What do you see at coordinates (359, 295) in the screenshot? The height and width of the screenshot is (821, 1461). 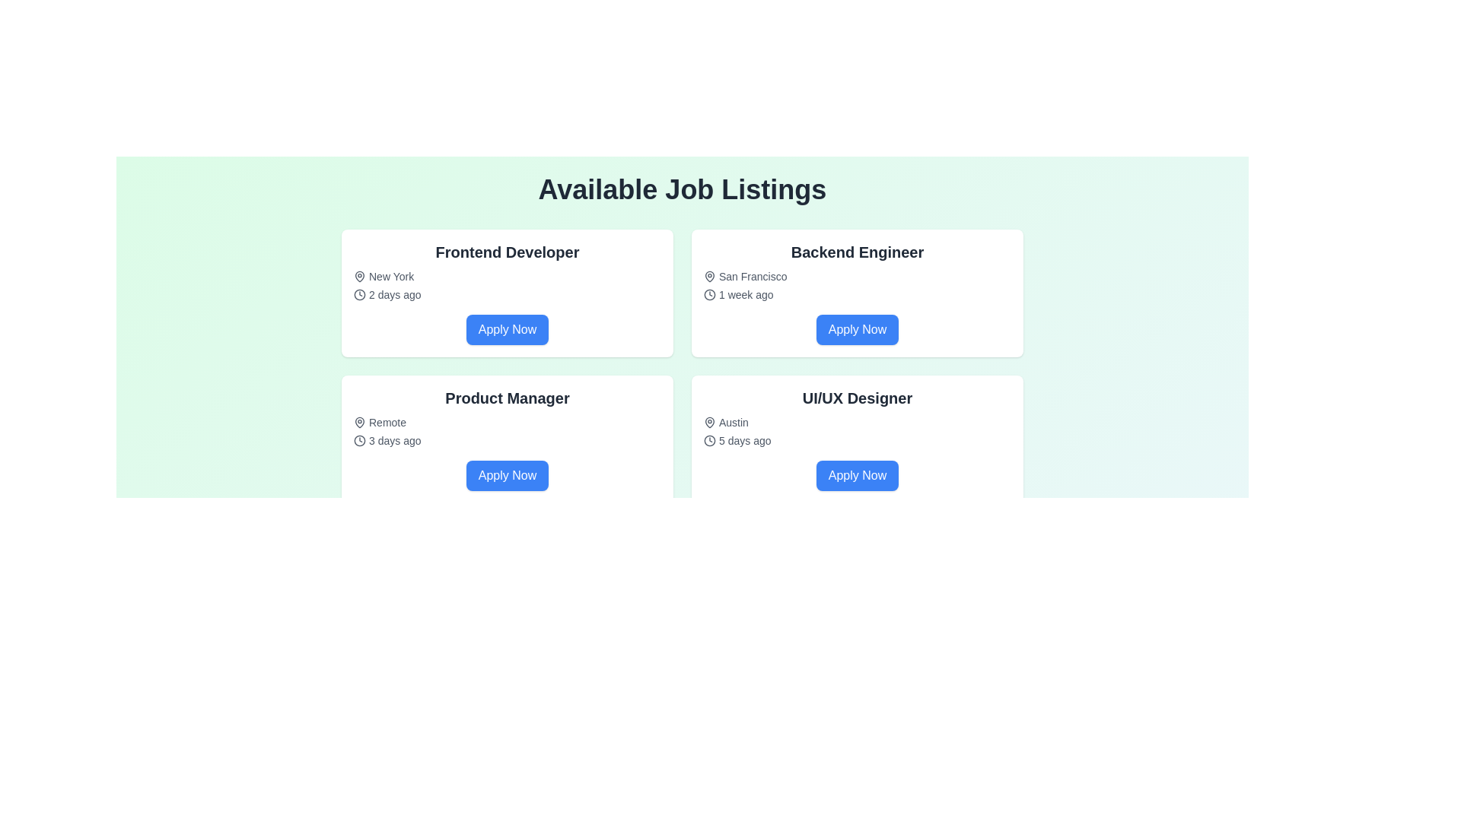 I see `the clock icon located to the left of the text '2 days ago' under the 'Frontend Developer' section in the job card to understand its meaning` at bounding box center [359, 295].